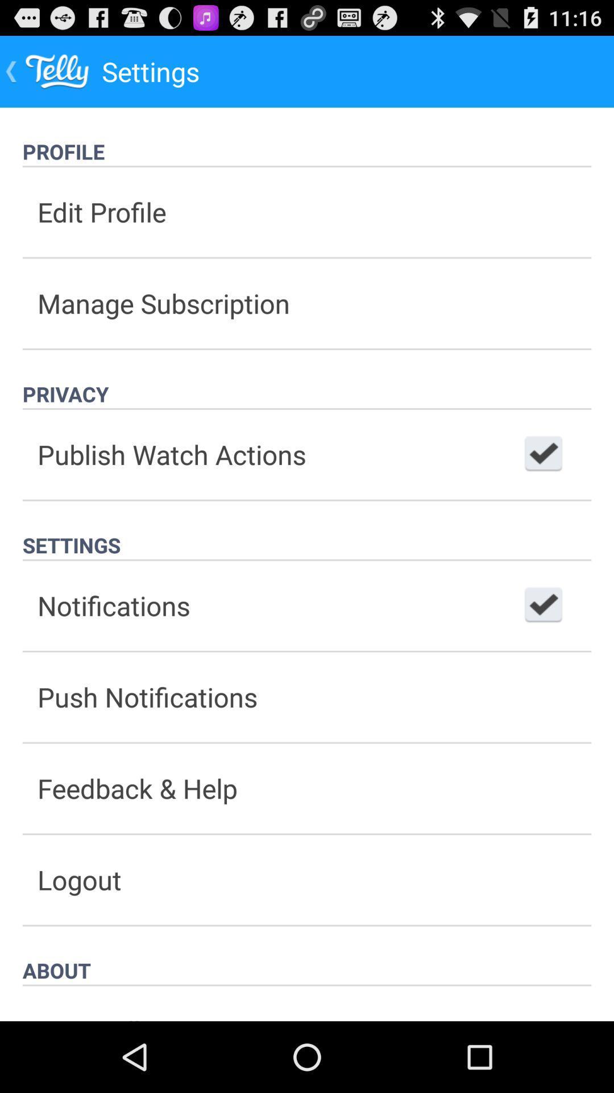  What do you see at coordinates (307, 303) in the screenshot?
I see `the button below the edit profile icon` at bounding box center [307, 303].